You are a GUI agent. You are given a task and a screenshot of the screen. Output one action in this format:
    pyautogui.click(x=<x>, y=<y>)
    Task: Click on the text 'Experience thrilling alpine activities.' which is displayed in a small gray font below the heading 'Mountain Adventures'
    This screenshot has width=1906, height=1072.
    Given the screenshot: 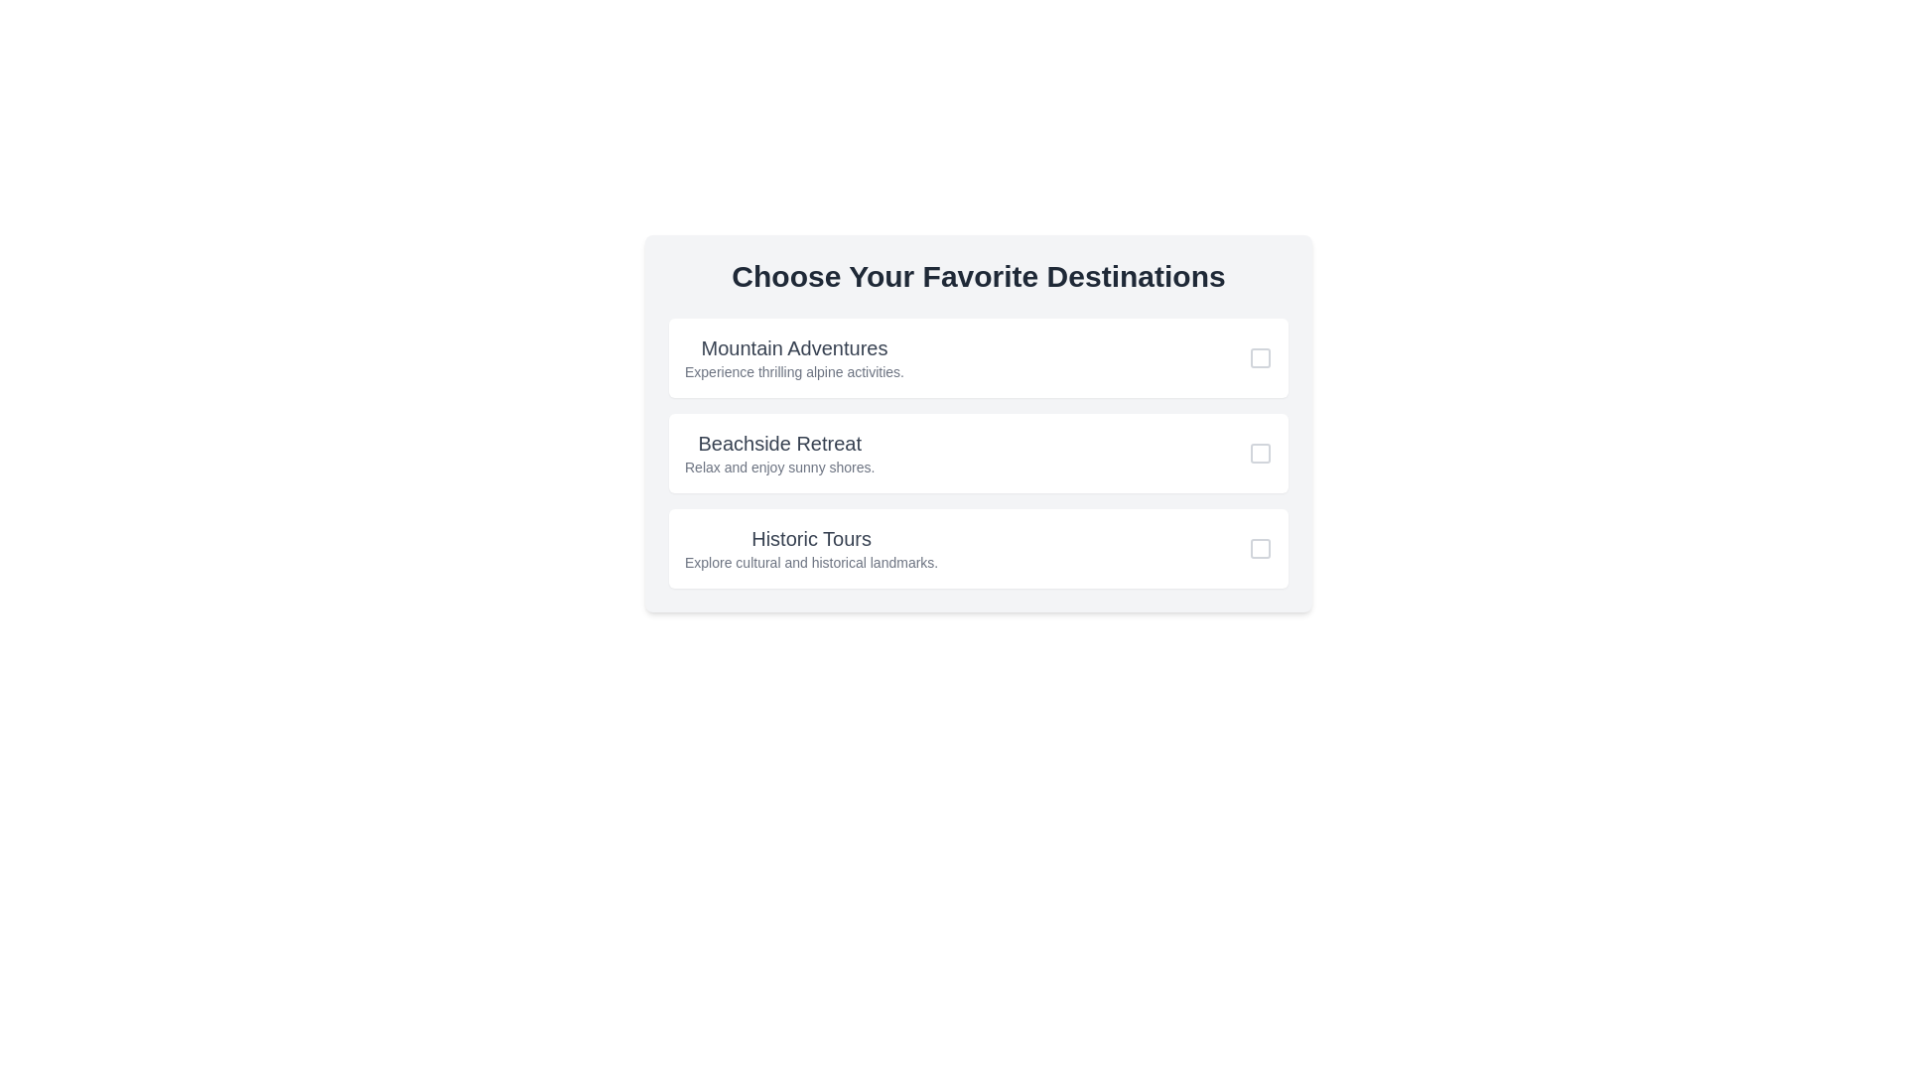 What is the action you would take?
    pyautogui.click(x=794, y=371)
    